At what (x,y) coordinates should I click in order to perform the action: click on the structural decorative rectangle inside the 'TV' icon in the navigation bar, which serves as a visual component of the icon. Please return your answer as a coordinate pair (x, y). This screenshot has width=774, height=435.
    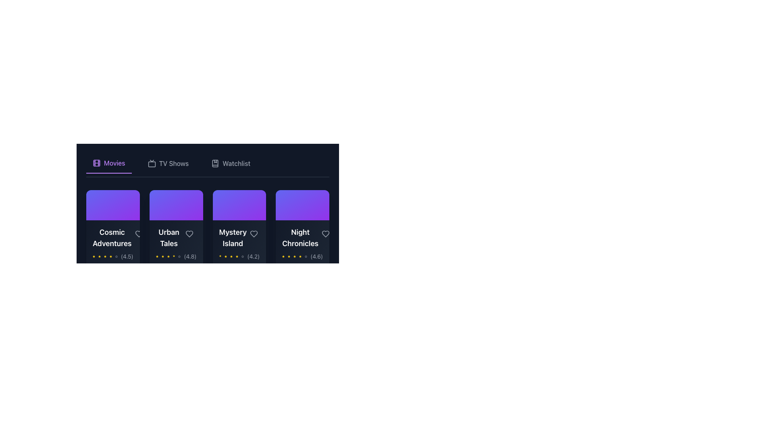
    Looking at the image, I should click on (152, 164).